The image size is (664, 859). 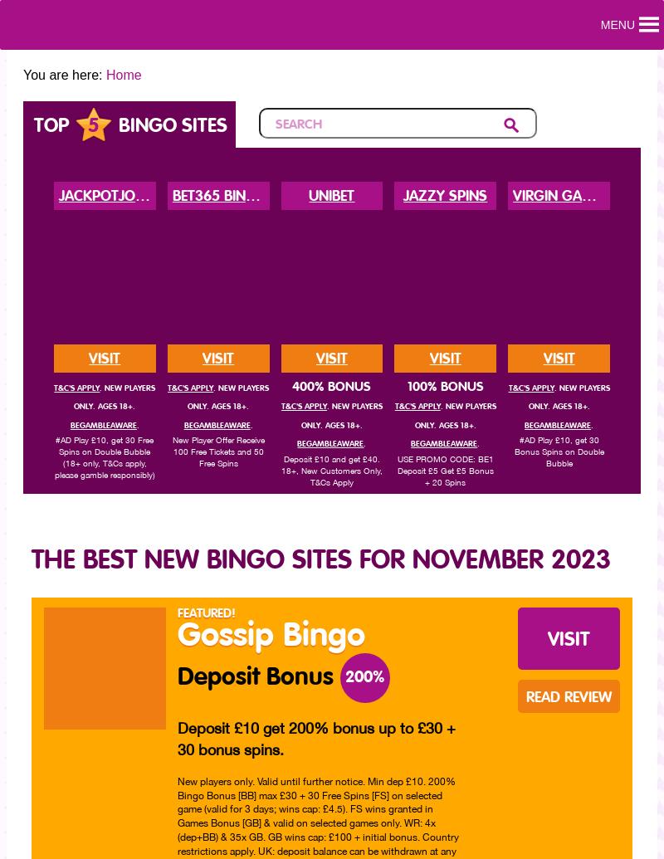 I want to click on 'New Player Offer Receive 100 Free Tickets and 50 Free Spins', so click(x=217, y=450).